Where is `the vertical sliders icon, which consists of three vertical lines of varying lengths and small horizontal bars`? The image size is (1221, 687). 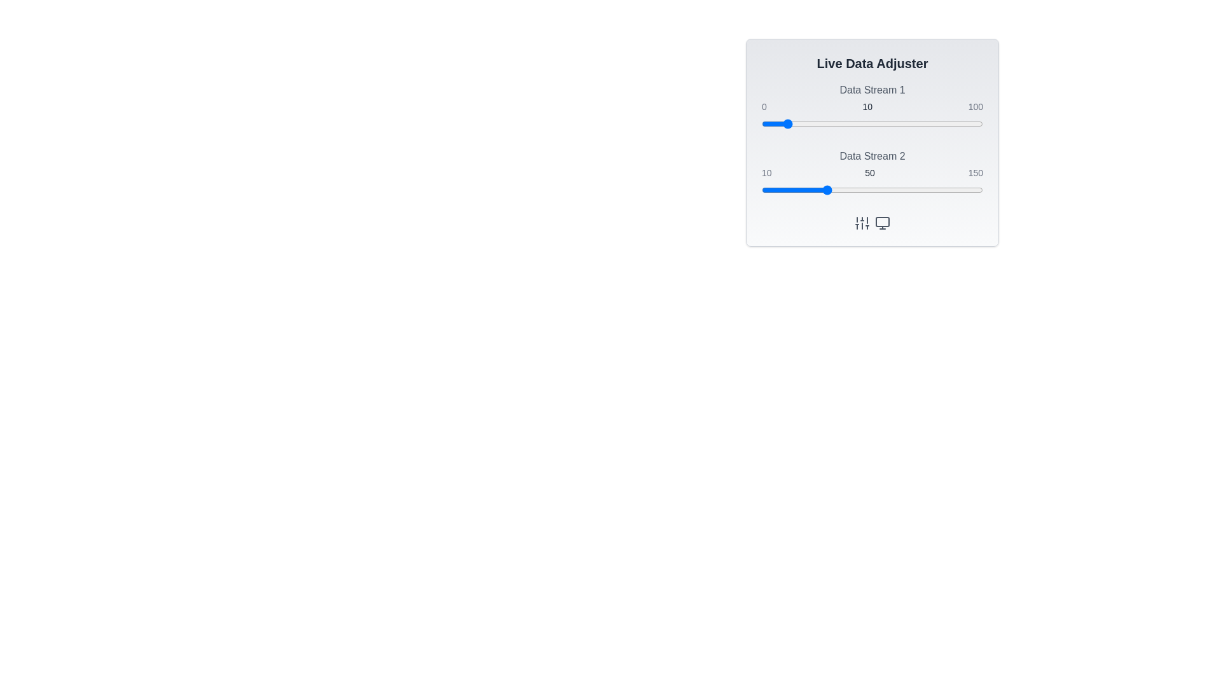 the vertical sliders icon, which consists of three vertical lines of varying lengths and small horizontal bars is located at coordinates (862, 222).